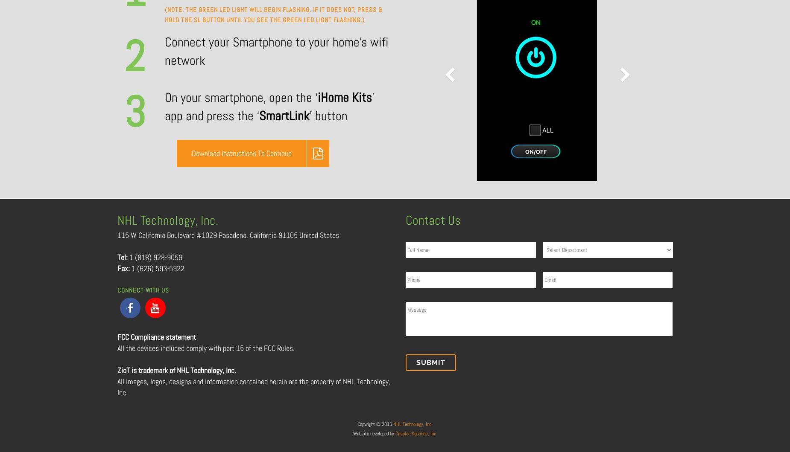  I want to click on 'Caspian Services, Inc.', so click(395, 433).